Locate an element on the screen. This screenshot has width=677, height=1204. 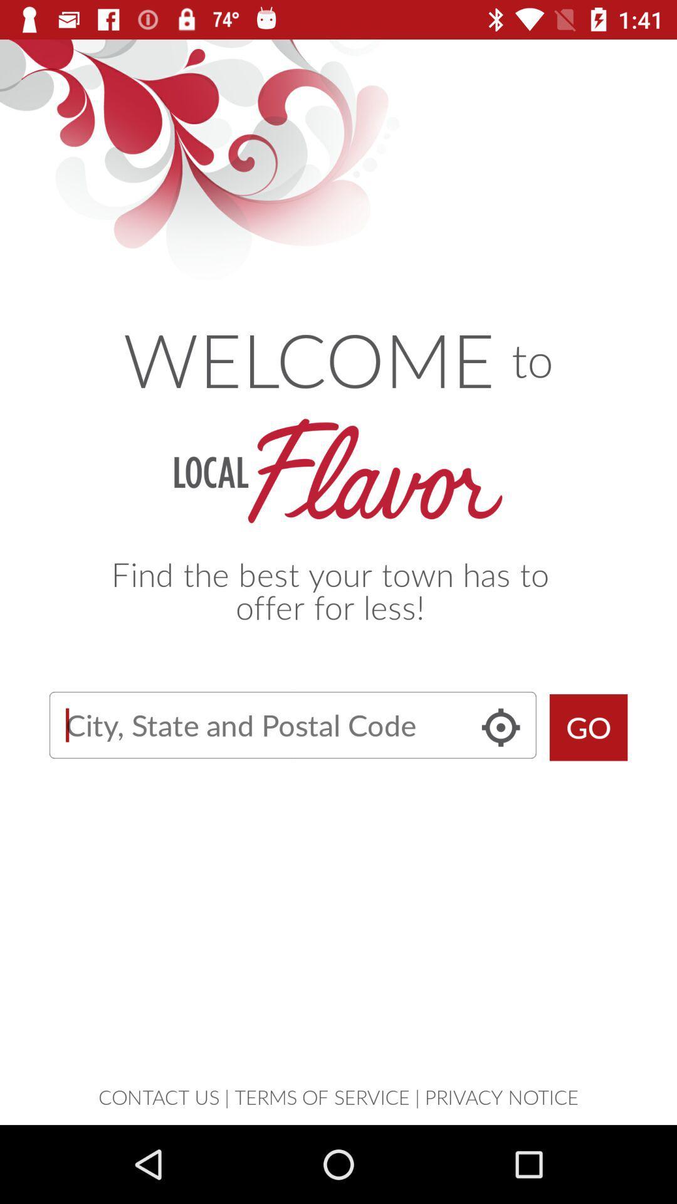
search button search for discount in user 's town is located at coordinates (293, 725).